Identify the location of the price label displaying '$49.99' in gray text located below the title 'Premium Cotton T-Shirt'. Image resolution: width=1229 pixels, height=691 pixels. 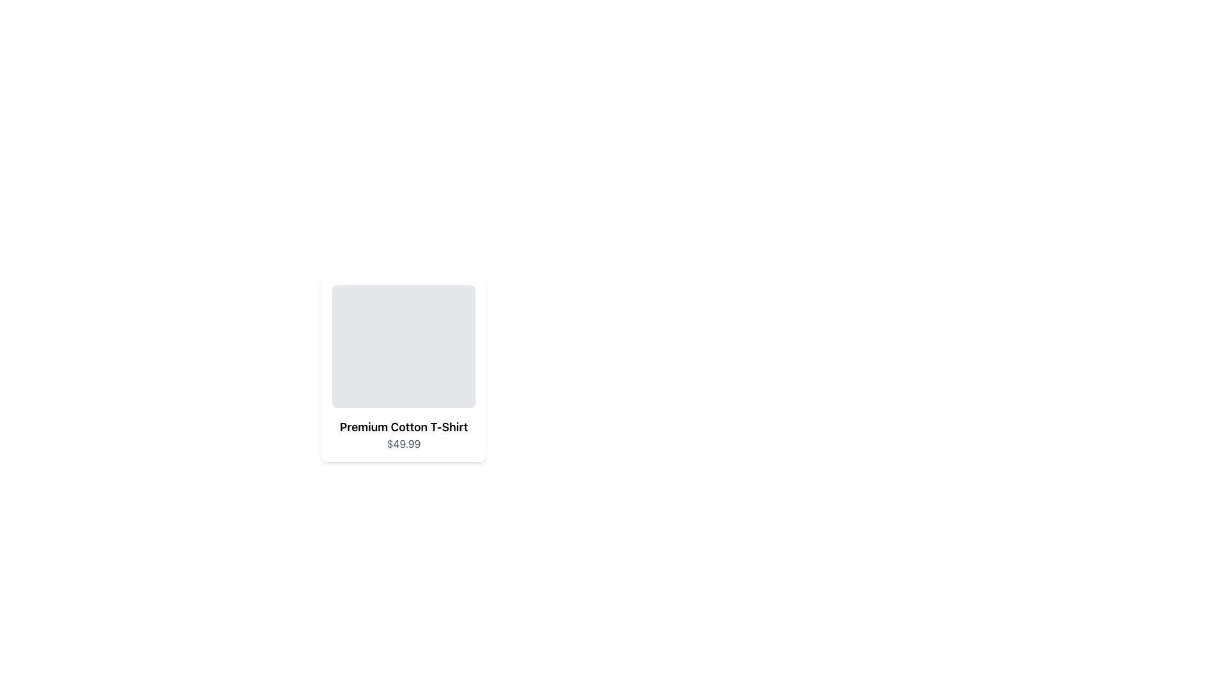
(403, 443).